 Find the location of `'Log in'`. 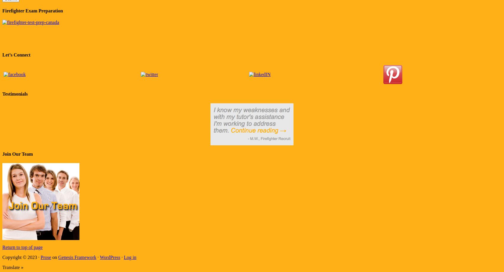

'Log in' is located at coordinates (130, 257).